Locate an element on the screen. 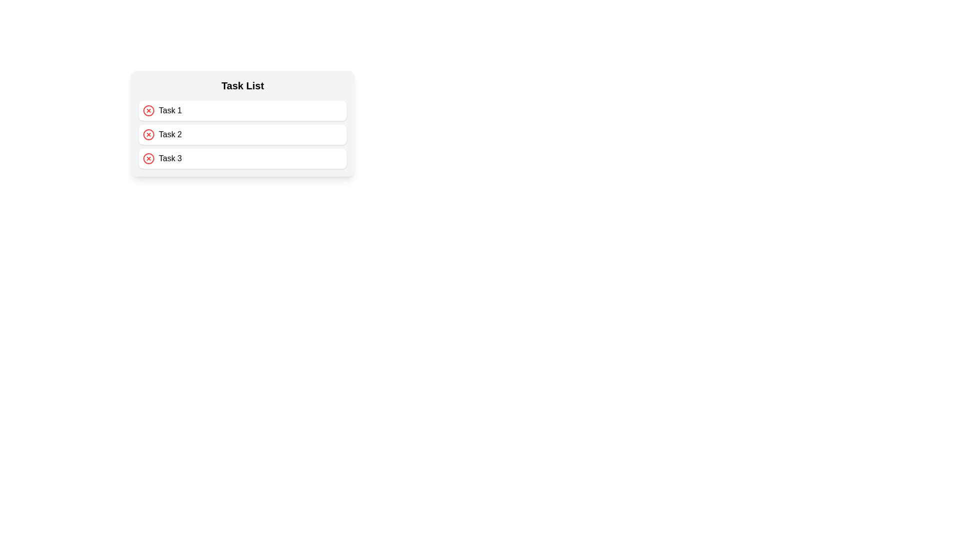 Image resolution: width=959 pixels, height=539 pixels. the 'Task List' text label which is bold and serves as a heading above the task items is located at coordinates (242, 85).